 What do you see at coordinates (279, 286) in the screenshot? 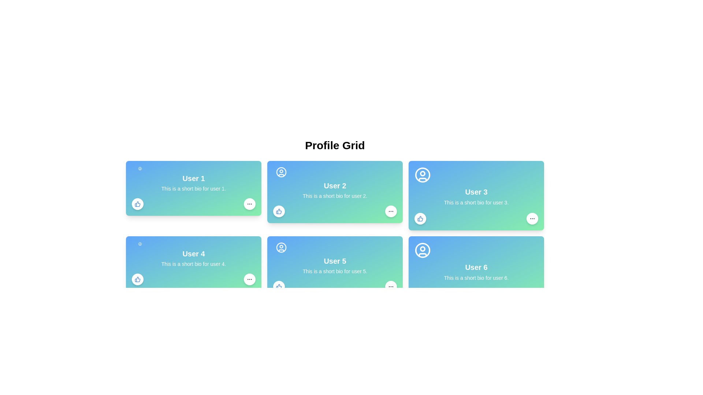
I see `the 'like' button located at the bottom-left corner of the 'User 5' card in the profile grid to express approval` at bounding box center [279, 286].